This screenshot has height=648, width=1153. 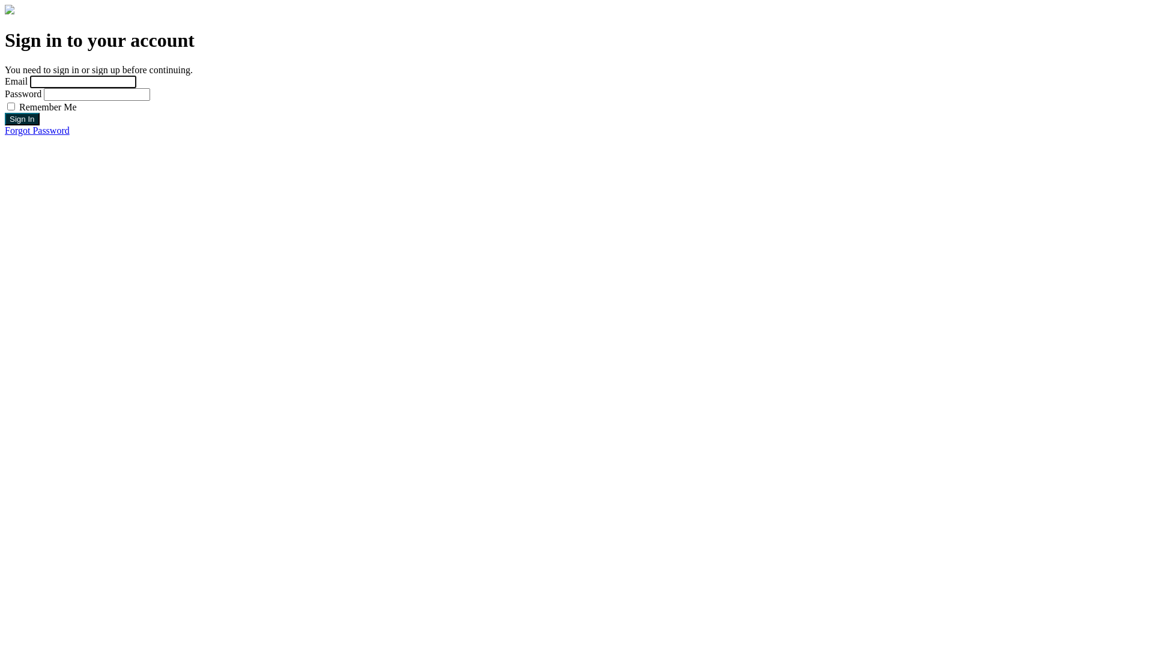 What do you see at coordinates (37, 130) in the screenshot?
I see `'Forgot Password'` at bounding box center [37, 130].